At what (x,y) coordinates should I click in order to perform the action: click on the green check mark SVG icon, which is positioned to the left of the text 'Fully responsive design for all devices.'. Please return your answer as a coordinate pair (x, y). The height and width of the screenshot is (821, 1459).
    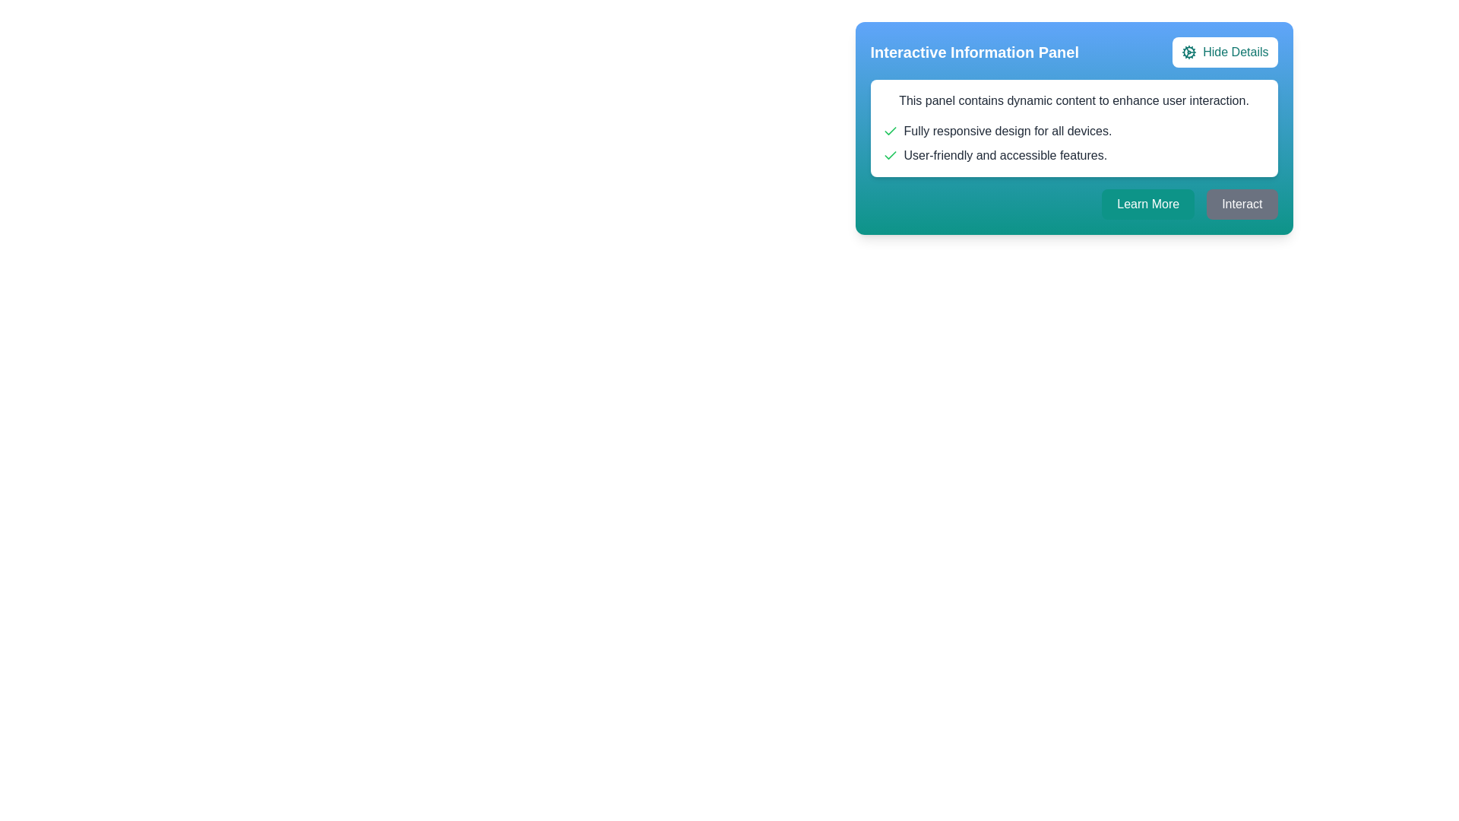
    Looking at the image, I should click on (890, 131).